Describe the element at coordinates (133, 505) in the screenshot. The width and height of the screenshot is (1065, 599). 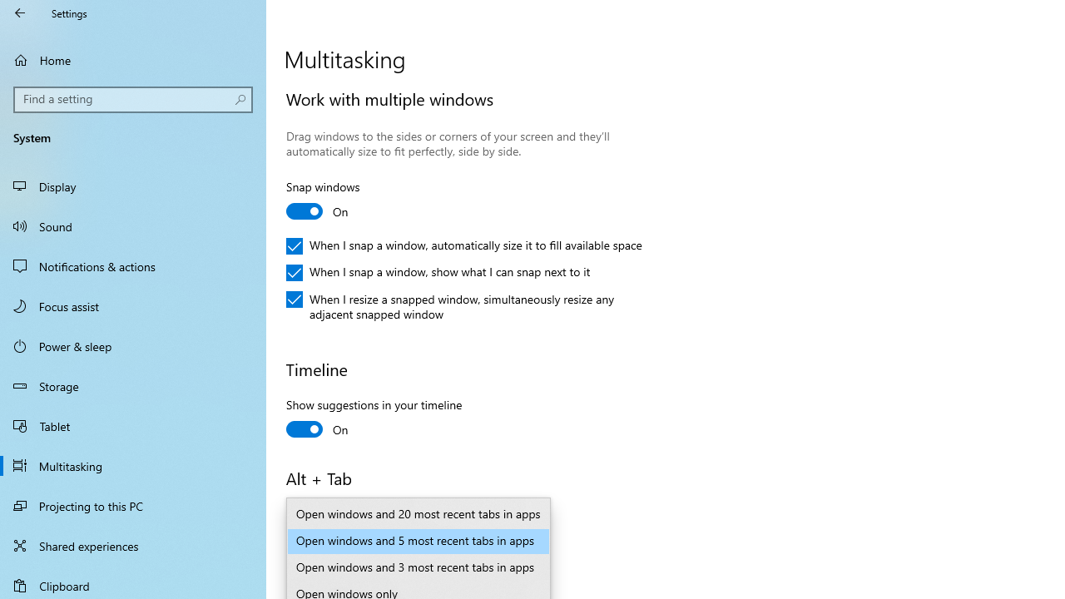
I see `'Projecting to this PC'` at that location.